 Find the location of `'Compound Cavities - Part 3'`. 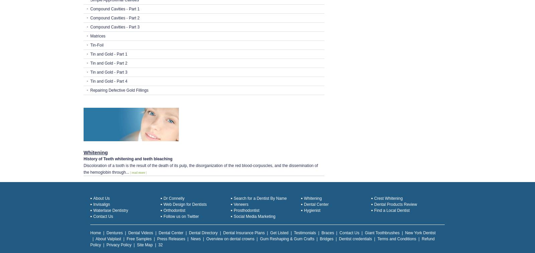

'Compound Cavities - Part 3' is located at coordinates (115, 27).